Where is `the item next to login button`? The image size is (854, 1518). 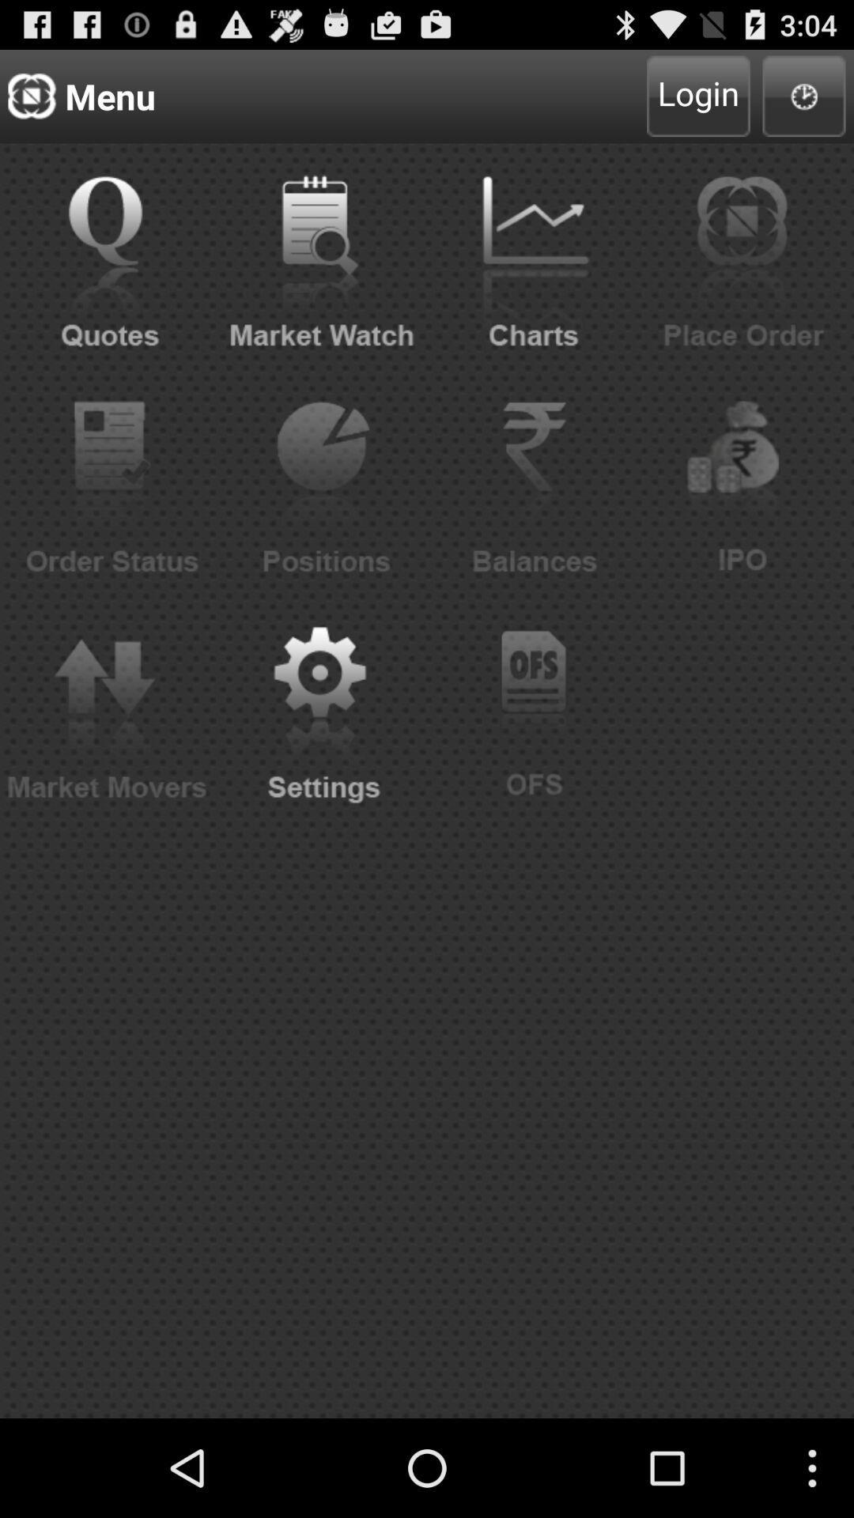
the item next to login button is located at coordinates (804, 95).